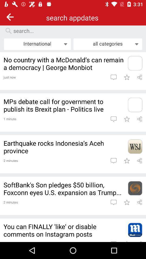 The height and width of the screenshot is (259, 146). I want to click on icon next to the international icon, so click(108, 44).